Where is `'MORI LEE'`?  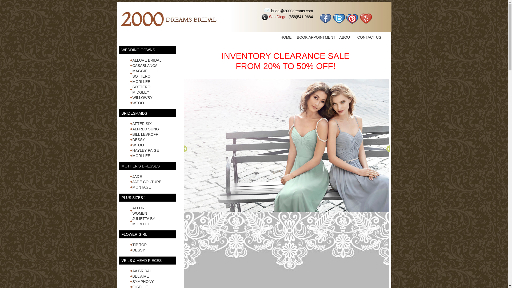
'MORI LEE' is located at coordinates (141, 81).